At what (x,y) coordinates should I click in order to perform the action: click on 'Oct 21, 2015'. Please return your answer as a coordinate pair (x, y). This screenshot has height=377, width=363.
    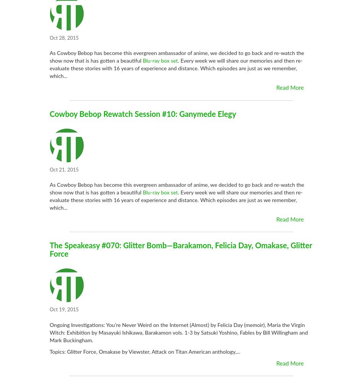
    Looking at the image, I should click on (64, 169).